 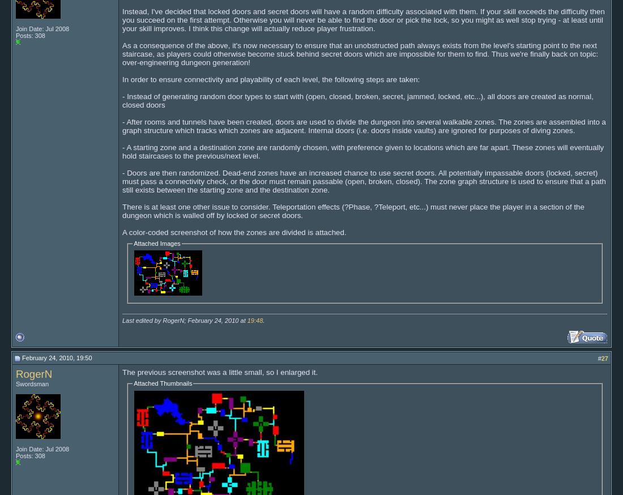 I want to click on '- Instead of generating random door types to start with (open, closed, broken, secret, jammed, locked, etc...), all doors are created as normal, closed doors', so click(x=357, y=99).